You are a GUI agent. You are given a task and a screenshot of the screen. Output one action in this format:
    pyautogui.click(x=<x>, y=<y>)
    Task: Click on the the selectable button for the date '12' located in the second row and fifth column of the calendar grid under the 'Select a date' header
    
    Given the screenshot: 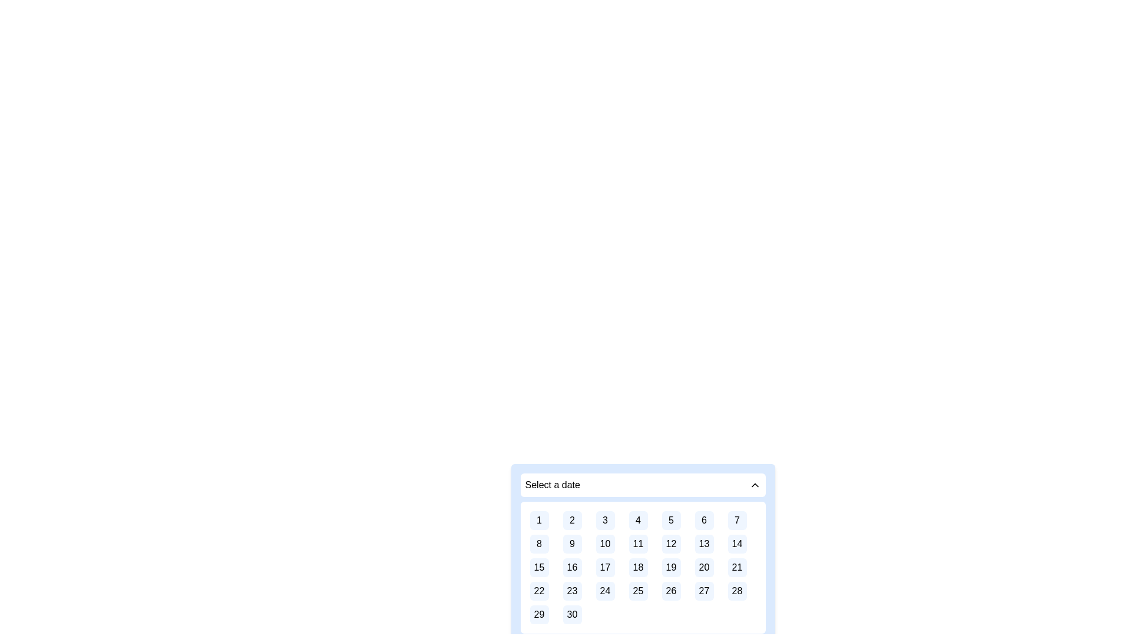 What is the action you would take?
    pyautogui.click(x=671, y=544)
    